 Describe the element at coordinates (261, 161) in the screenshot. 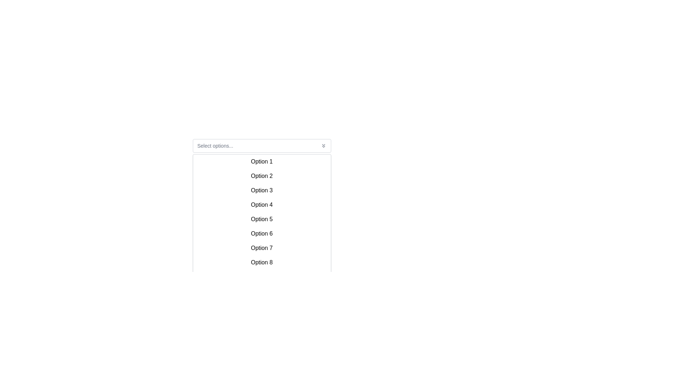

I see `the Dropdown option labeled 'Option 1'` at that location.